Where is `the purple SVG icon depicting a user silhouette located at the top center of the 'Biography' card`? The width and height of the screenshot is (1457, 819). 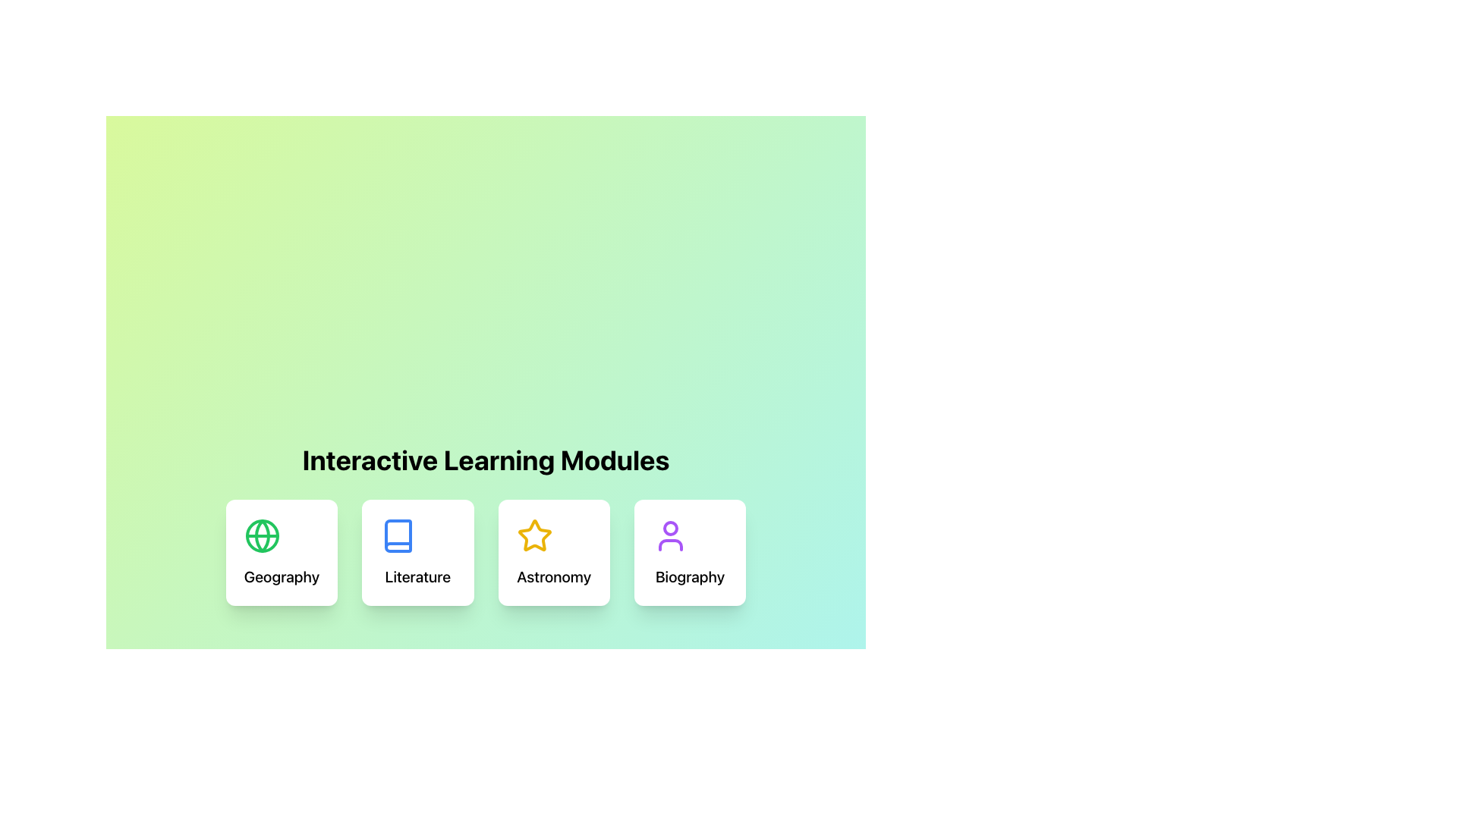
the purple SVG icon depicting a user silhouette located at the top center of the 'Biography' card is located at coordinates (669, 535).